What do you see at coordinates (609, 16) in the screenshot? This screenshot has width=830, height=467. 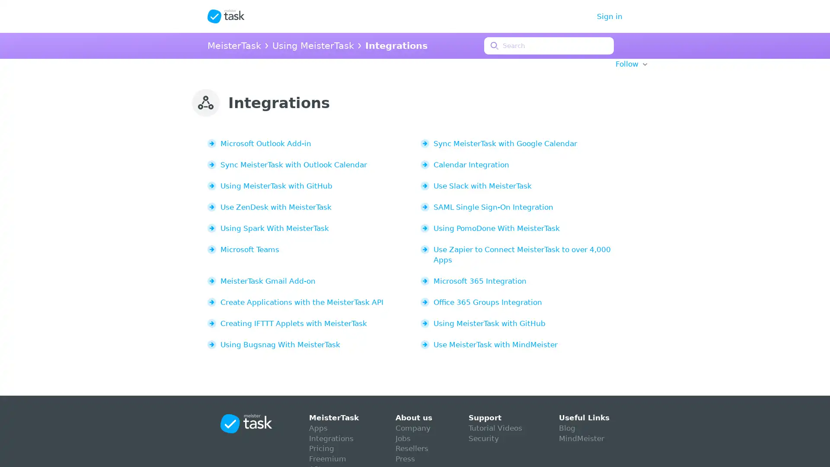 I see `Sign in` at bounding box center [609, 16].